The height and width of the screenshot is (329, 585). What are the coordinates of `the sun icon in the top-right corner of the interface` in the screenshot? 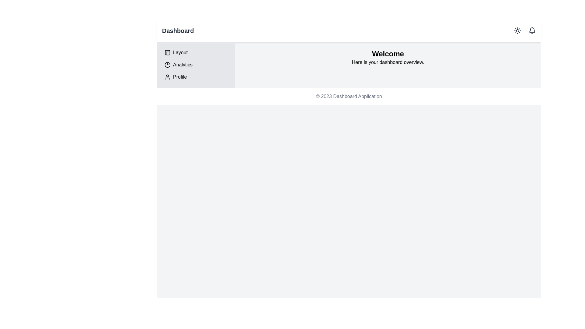 It's located at (523, 30).